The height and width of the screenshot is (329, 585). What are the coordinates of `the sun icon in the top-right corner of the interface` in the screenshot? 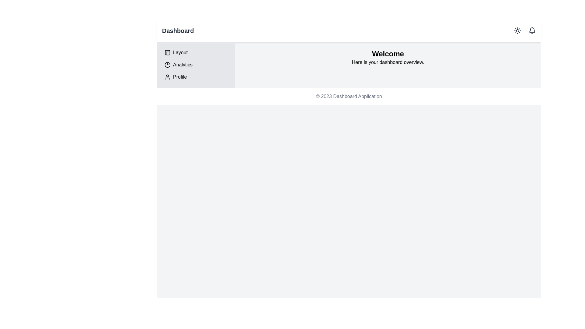 It's located at (523, 30).